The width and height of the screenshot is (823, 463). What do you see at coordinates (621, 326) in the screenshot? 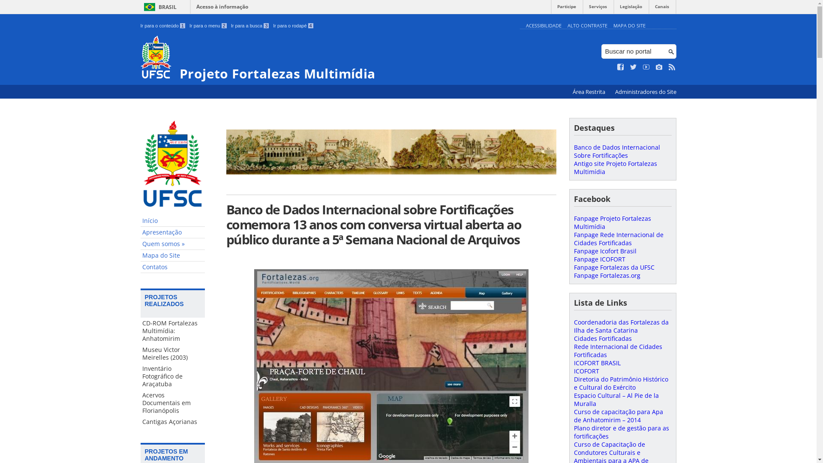
I see `'Coordenadoria das Fortalezas da Ilha de Santa Catarina'` at bounding box center [621, 326].